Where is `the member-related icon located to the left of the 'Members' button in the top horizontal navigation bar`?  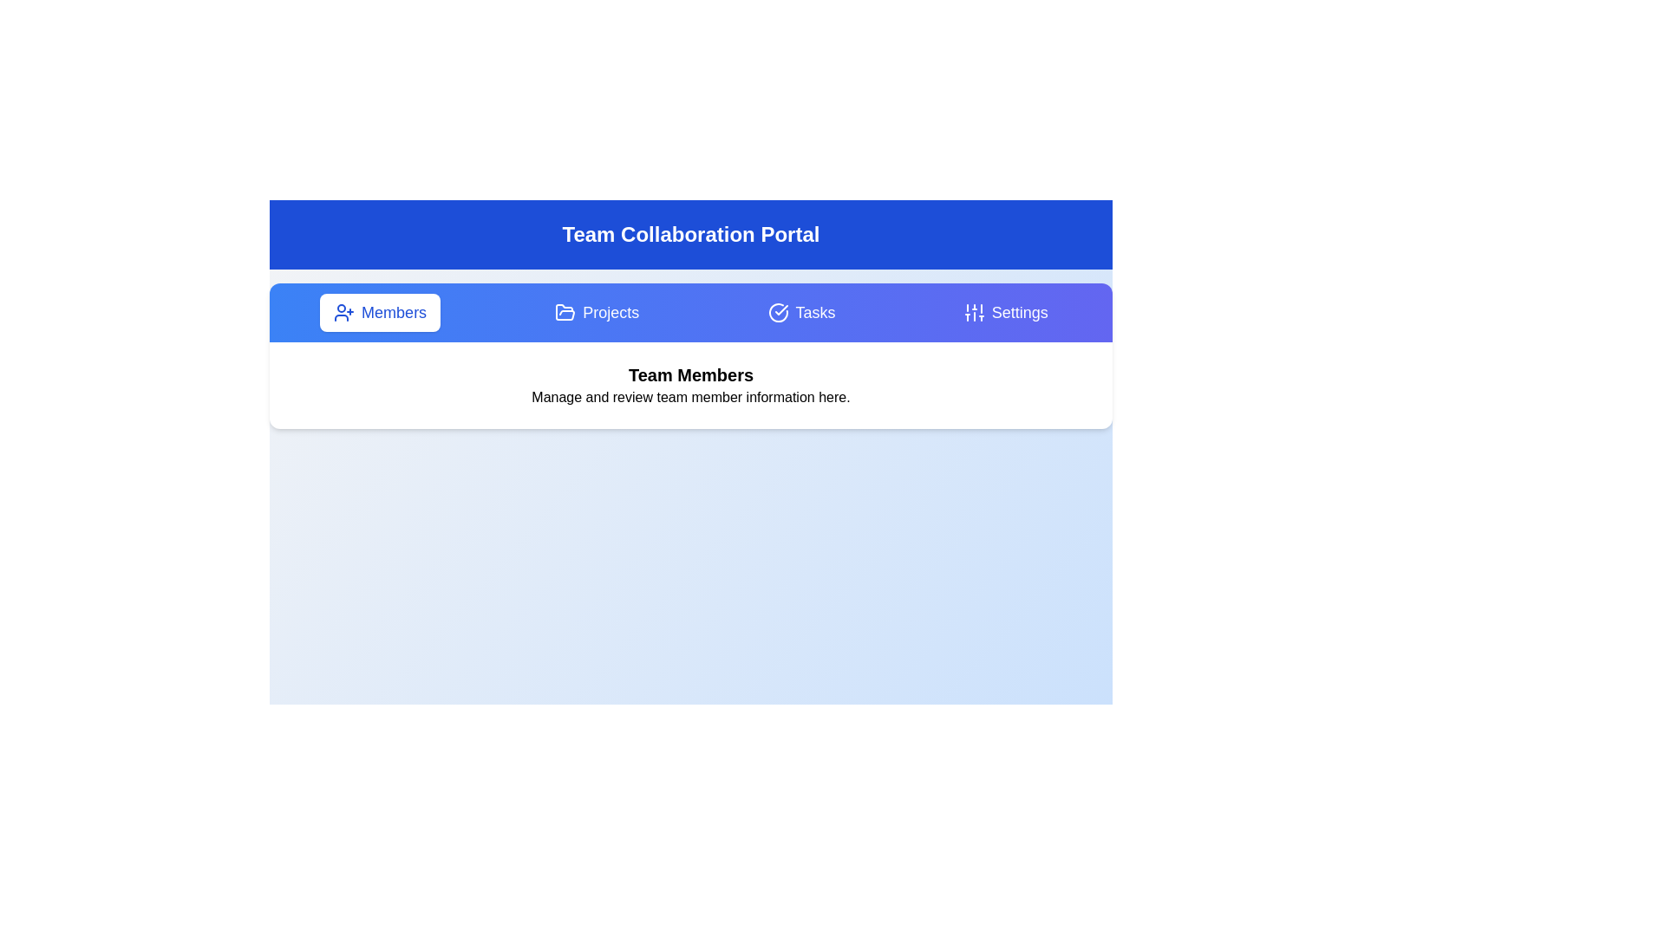 the member-related icon located to the left of the 'Members' button in the top horizontal navigation bar is located at coordinates (344, 313).